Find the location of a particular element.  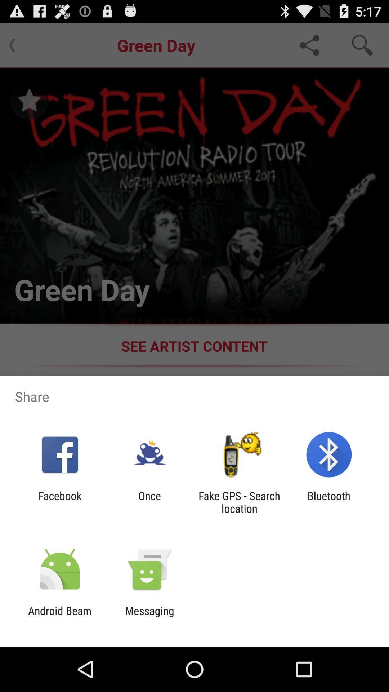

app next to the bluetooth icon is located at coordinates (239, 502).